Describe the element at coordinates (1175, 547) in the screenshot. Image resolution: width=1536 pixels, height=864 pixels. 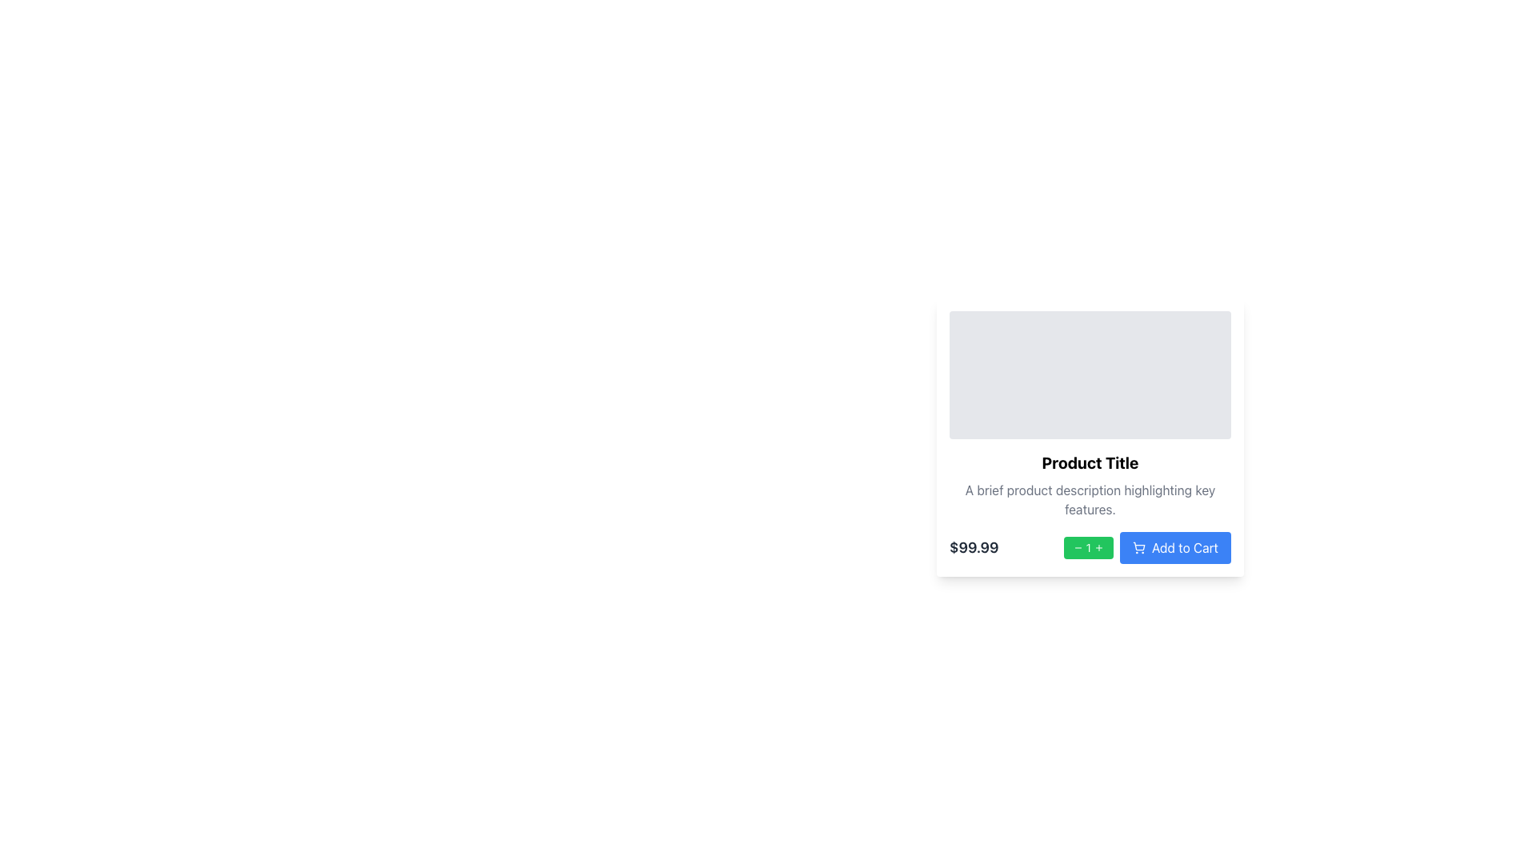
I see `the blue rectangular 'Add to Cart' button with a shopping cart icon` at that location.